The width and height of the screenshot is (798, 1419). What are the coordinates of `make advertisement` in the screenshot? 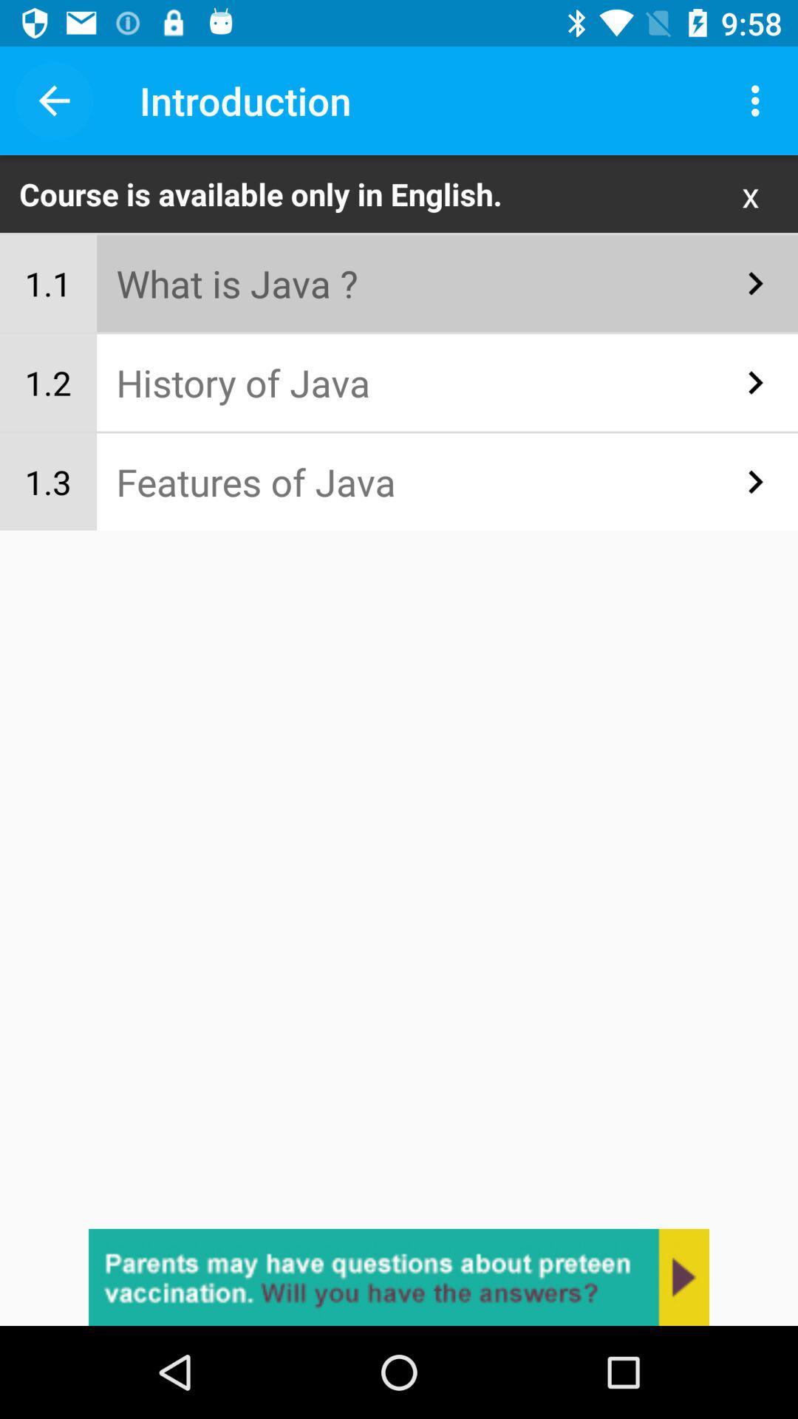 It's located at (399, 1276).